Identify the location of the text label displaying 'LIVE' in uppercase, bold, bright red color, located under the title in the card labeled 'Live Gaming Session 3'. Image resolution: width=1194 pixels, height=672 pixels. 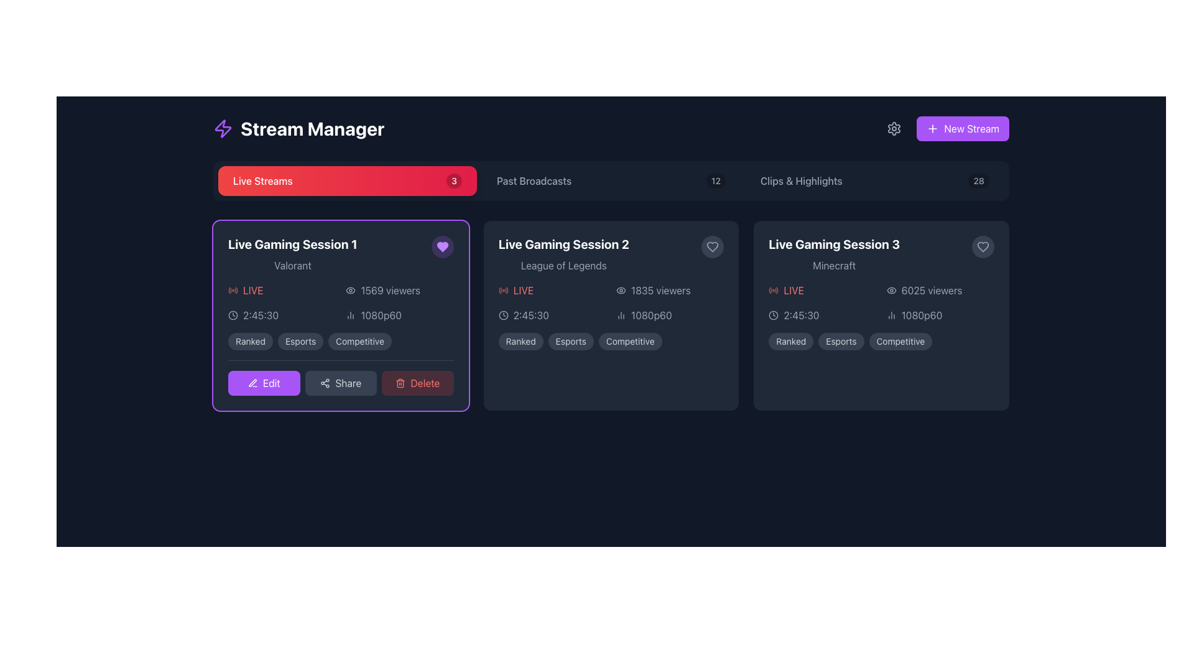
(793, 290).